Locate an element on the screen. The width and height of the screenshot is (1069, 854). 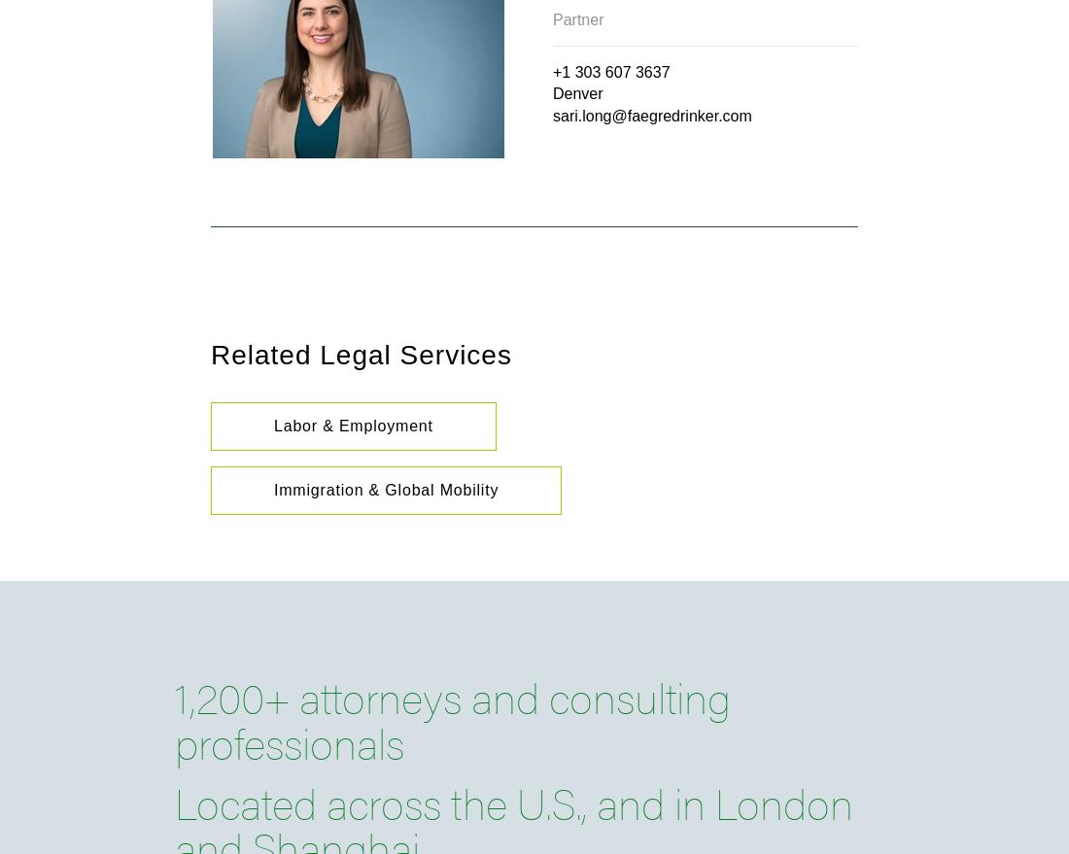
'Denver' is located at coordinates (576, 92).